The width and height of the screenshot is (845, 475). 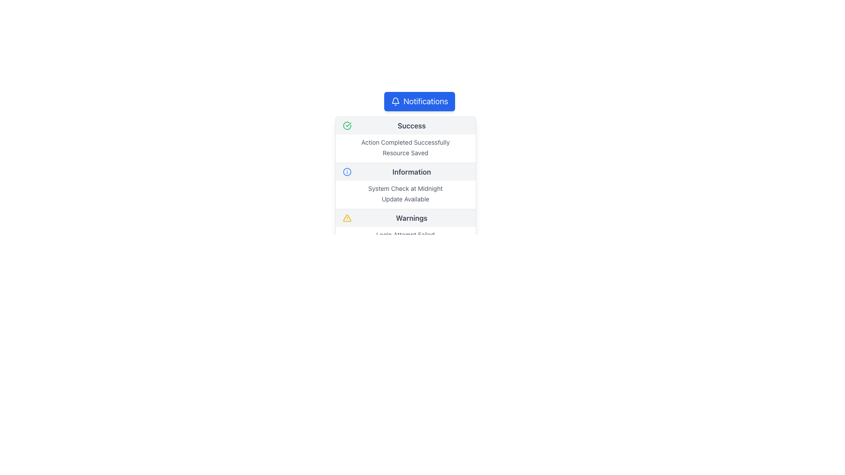 What do you see at coordinates (405, 241) in the screenshot?
I see `the informational message displayed in the 'Warnings' section, which includes the warnings 'Login Attempt Failed' and 'Password Expiration Soon.'` at bounding box center [405, 241].